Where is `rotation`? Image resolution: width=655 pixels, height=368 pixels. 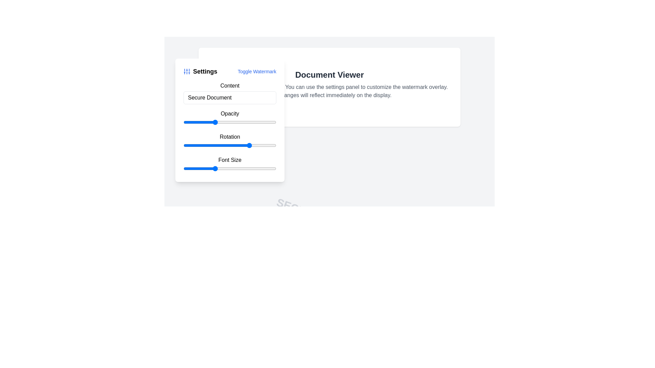
rotation is located at coordinates (204, 145).